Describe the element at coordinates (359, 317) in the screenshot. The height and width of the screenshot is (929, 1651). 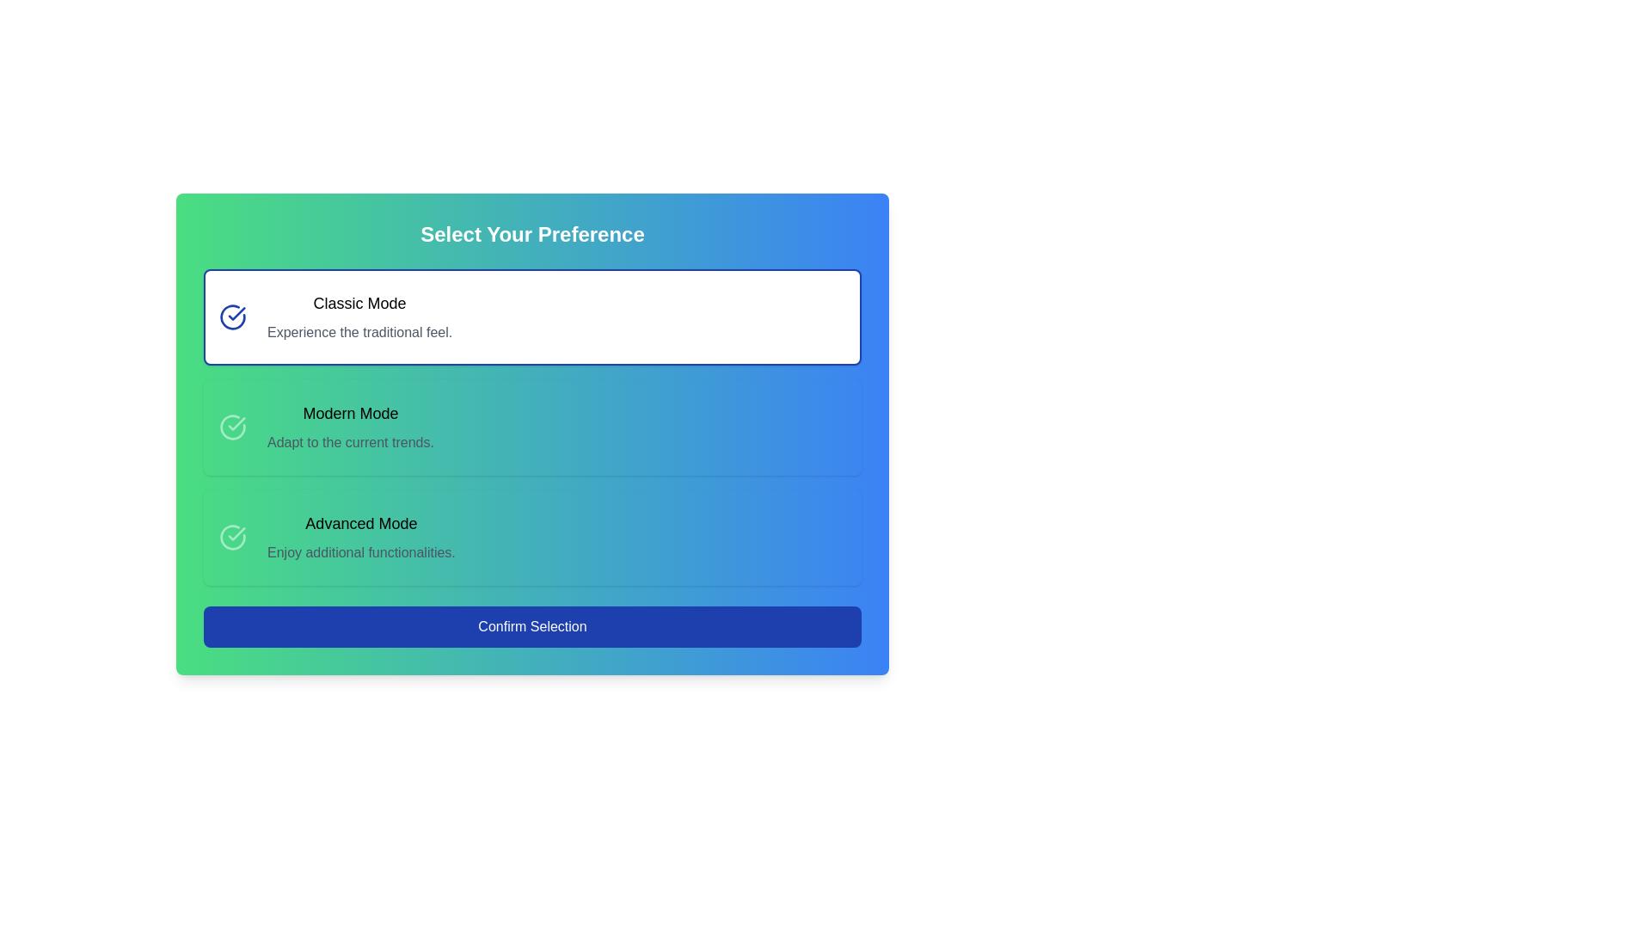
I see `the 'Classic Mode' text-based option description block` at that location.